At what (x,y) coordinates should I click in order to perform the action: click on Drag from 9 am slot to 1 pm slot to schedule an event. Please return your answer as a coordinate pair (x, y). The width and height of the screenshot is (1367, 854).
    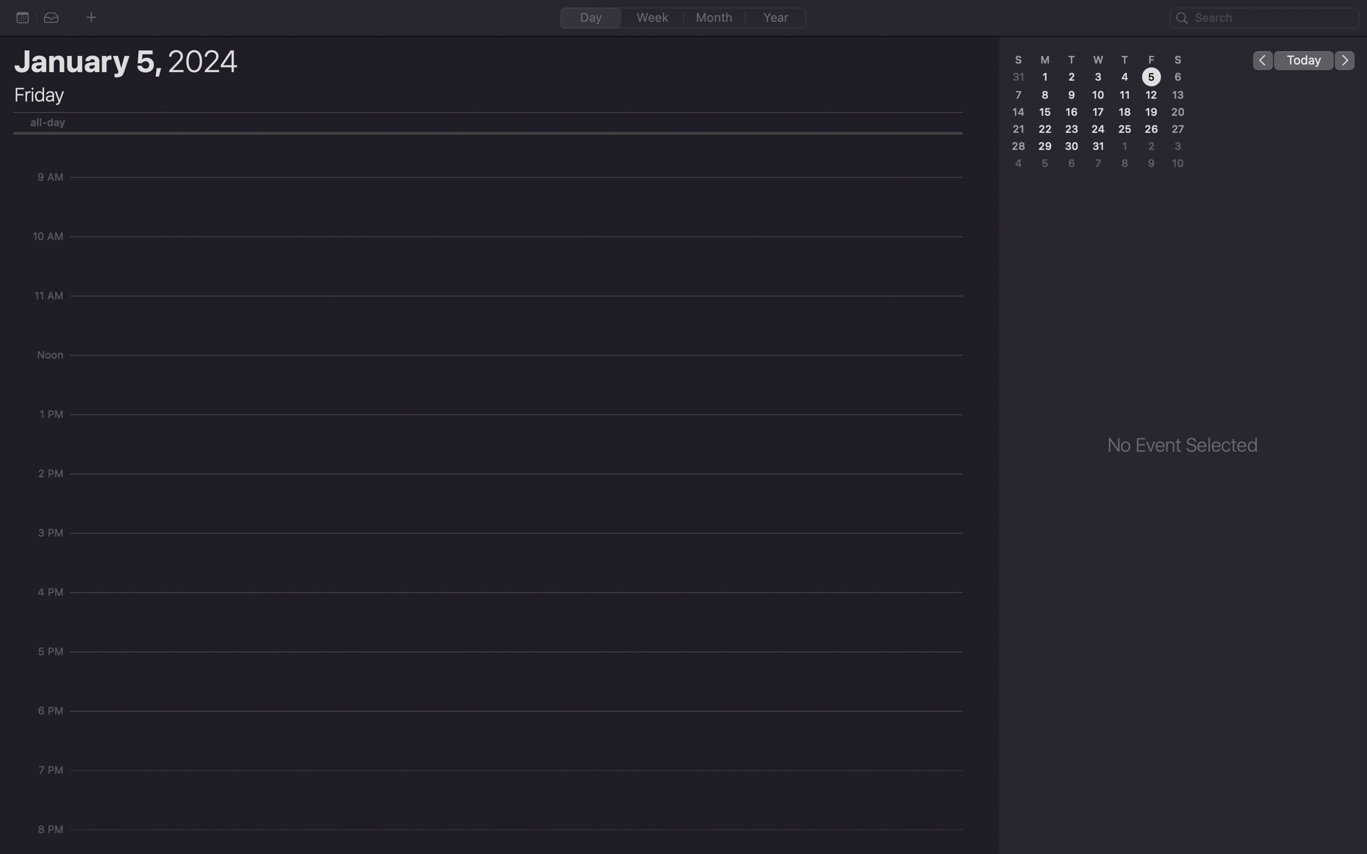
    Looking at the image, I should click on (520, 182).